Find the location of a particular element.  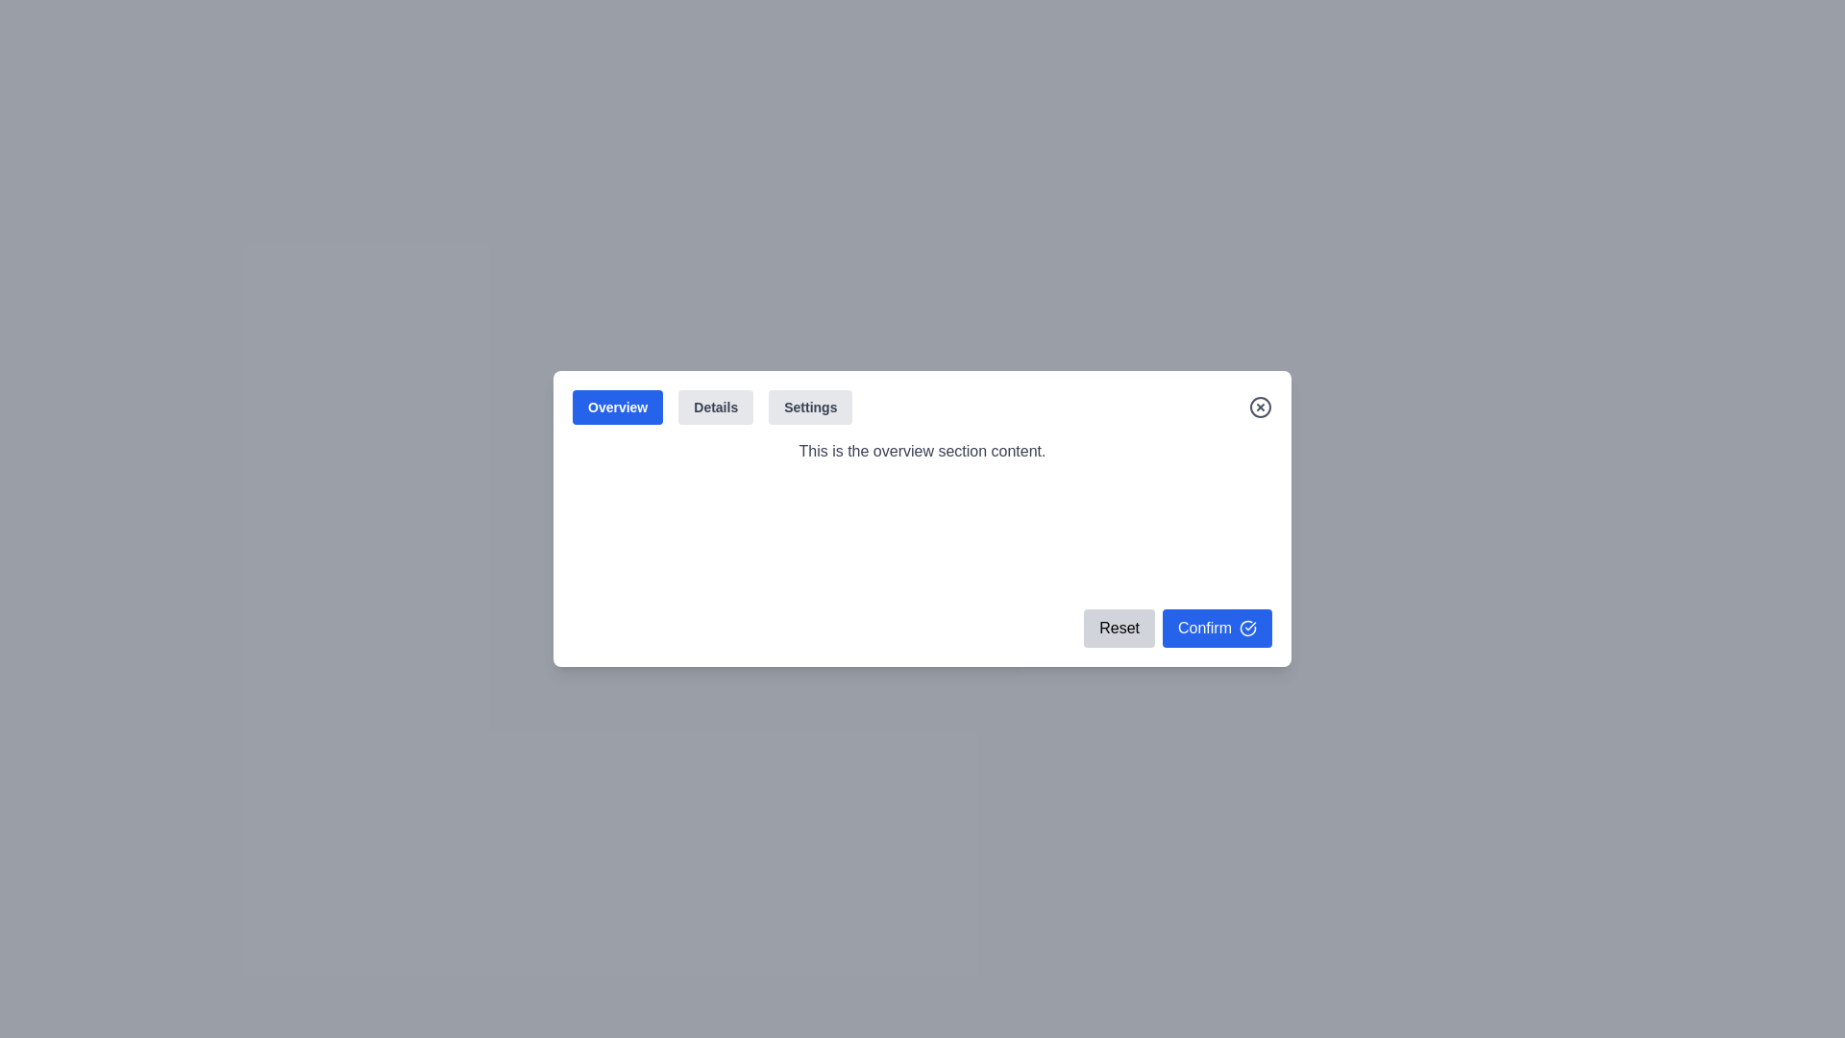

the tab labeled Overview to view its content is located at coordinates (618, 407).